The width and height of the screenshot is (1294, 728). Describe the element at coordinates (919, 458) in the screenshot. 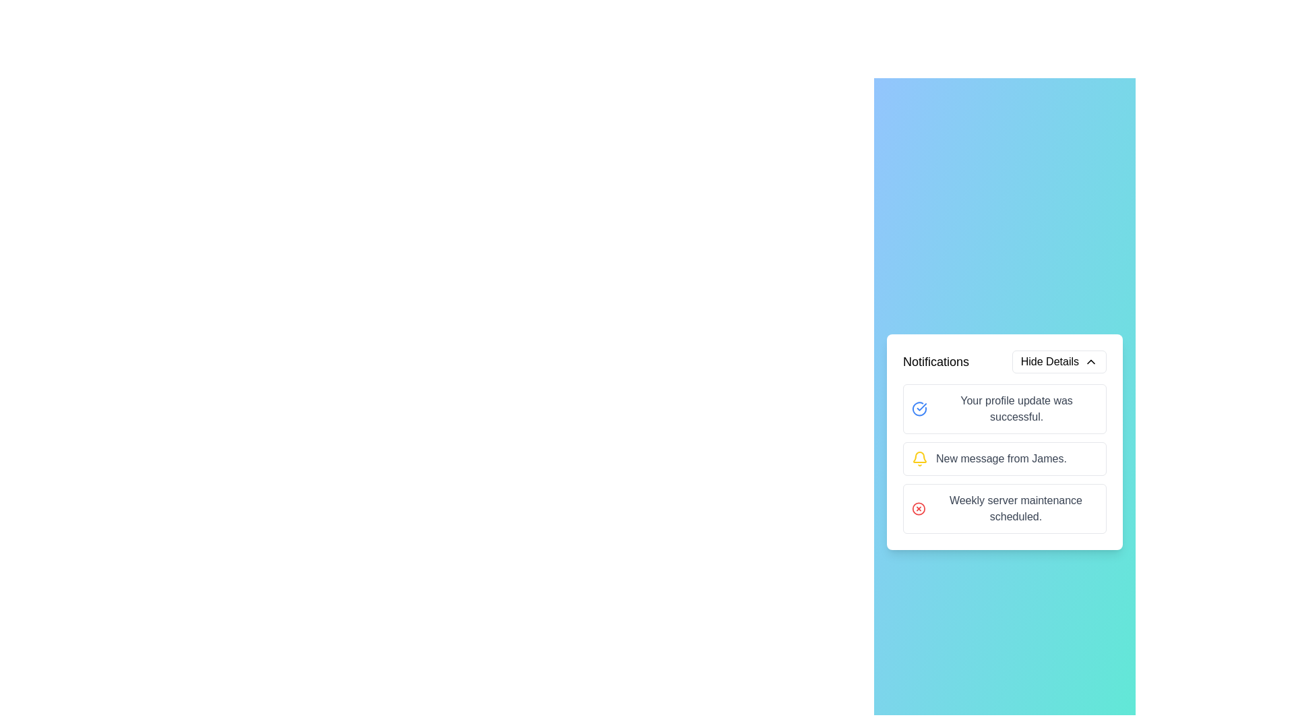

I see `the yellow bell notification icon located to the left of the 'New message from James.' notification entry` at that location.